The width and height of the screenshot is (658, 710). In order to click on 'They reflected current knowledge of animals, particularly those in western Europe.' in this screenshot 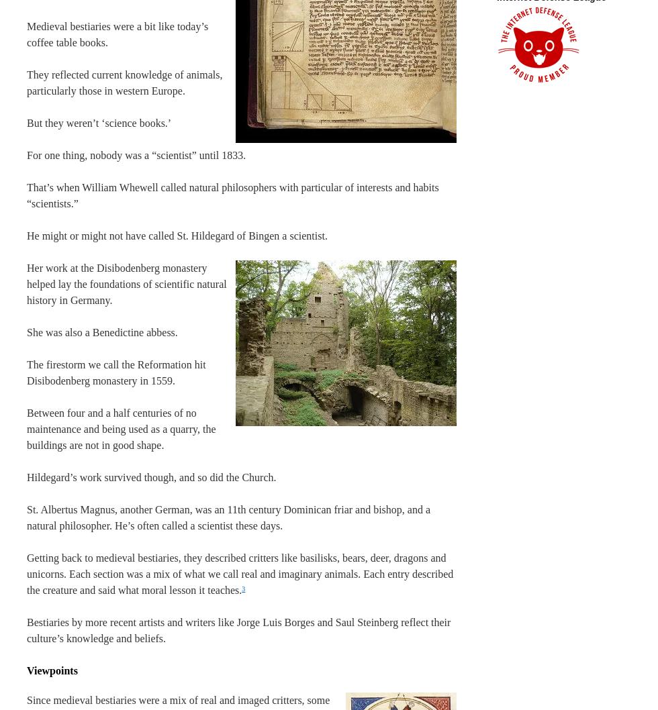, I will do `click(124, 82)`.